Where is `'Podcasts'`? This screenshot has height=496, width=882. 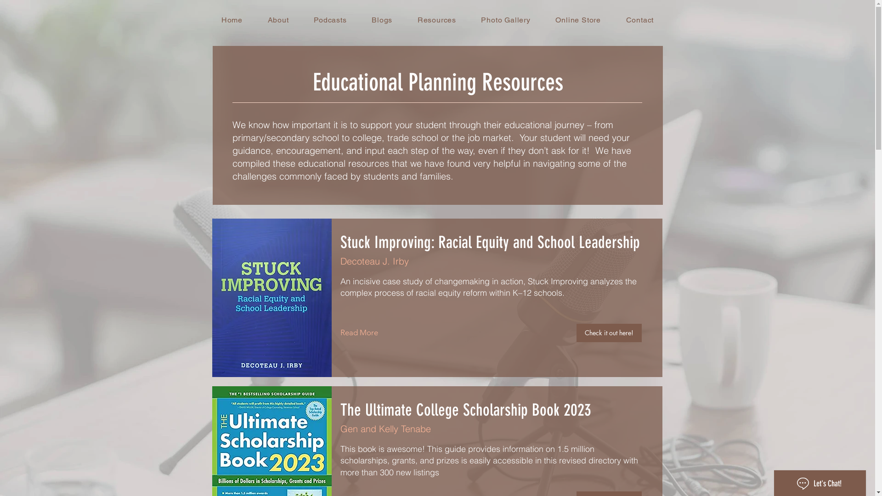
'Podcasts' is located at coordinates (330, 20).